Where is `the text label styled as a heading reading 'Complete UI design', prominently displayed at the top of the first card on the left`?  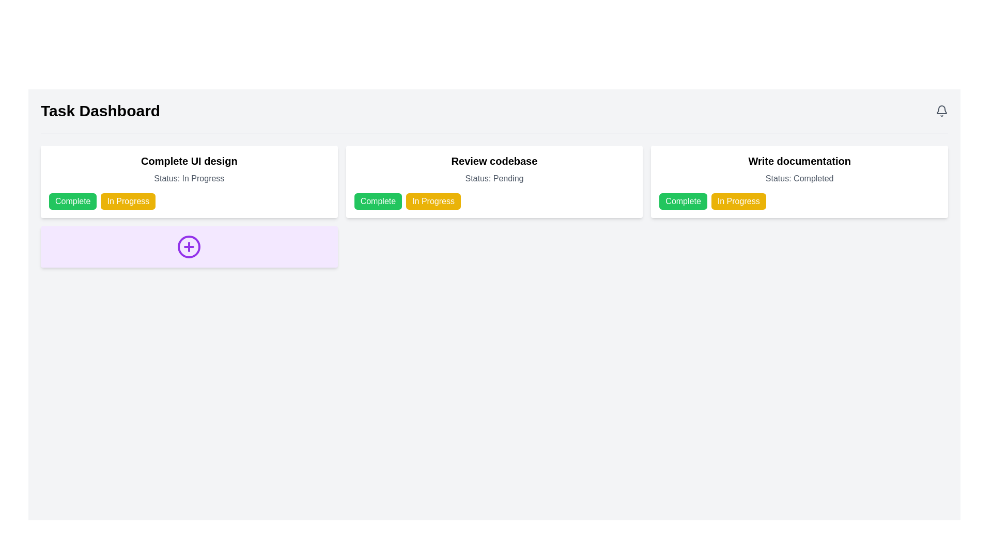 the text label styled as a heading reading 'Complete UI design', prominently displayed at the top of the first card on the left is located at coordinates (189, 161).